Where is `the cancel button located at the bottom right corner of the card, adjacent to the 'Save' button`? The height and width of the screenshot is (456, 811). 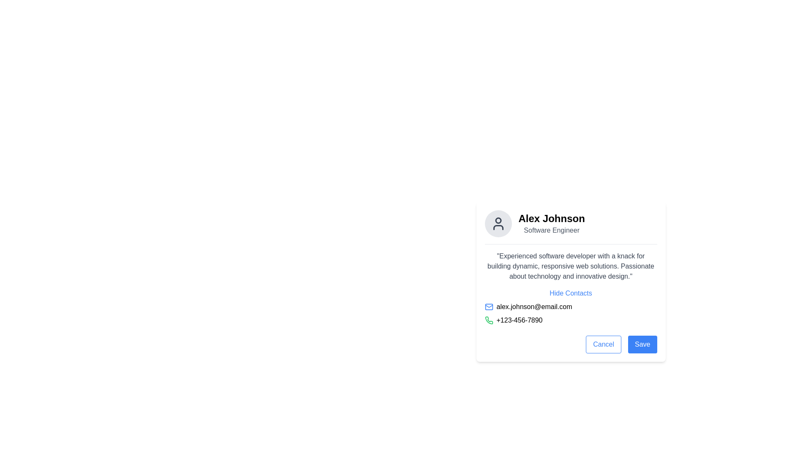
the cancel button located at the bottom right corner of the card, adjacent to the 'Save' button is located at coordinates (603, 345).